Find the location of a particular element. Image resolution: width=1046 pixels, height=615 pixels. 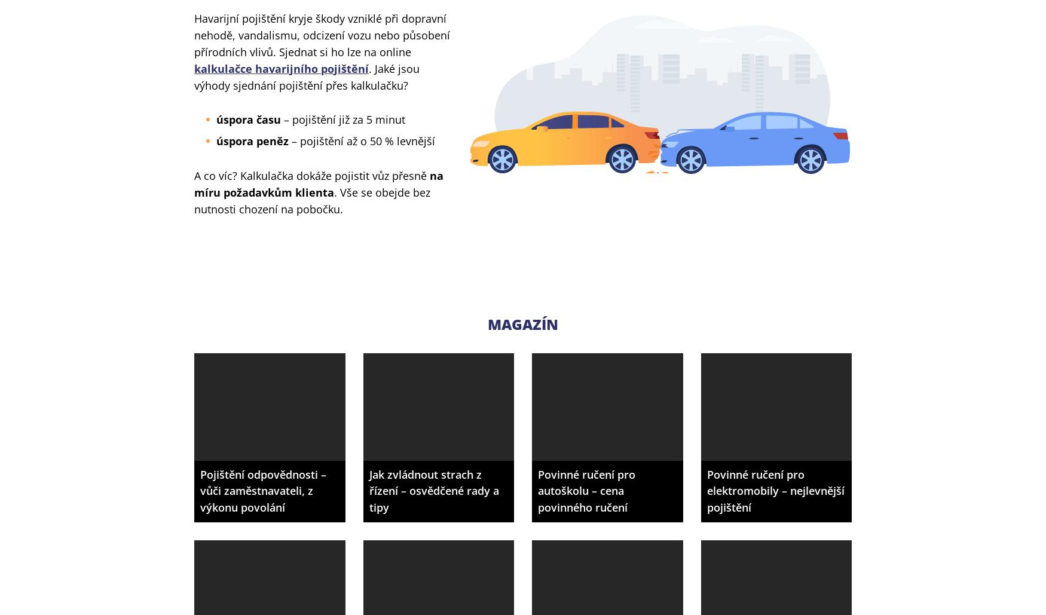

'Pojištění odpovědnosti – vůči zaměstnavateli, z výkonu povolání' is located at coordinates (200, 490).